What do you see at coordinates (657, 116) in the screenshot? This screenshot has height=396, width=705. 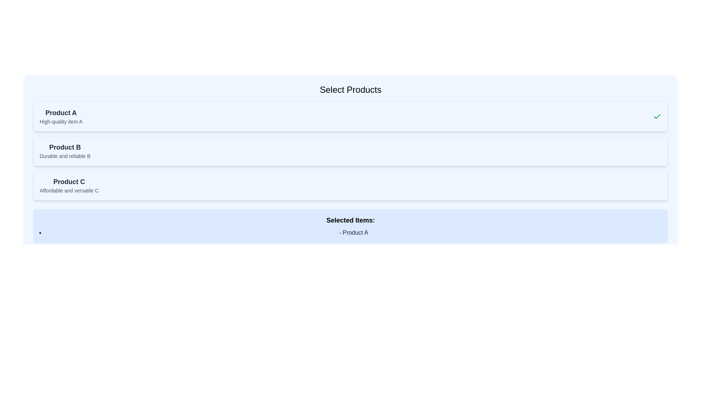 I see `the Checkmark icon indicating selection for 'Product A', located within the right-hand side of the row` at bounding box center [657, 116].